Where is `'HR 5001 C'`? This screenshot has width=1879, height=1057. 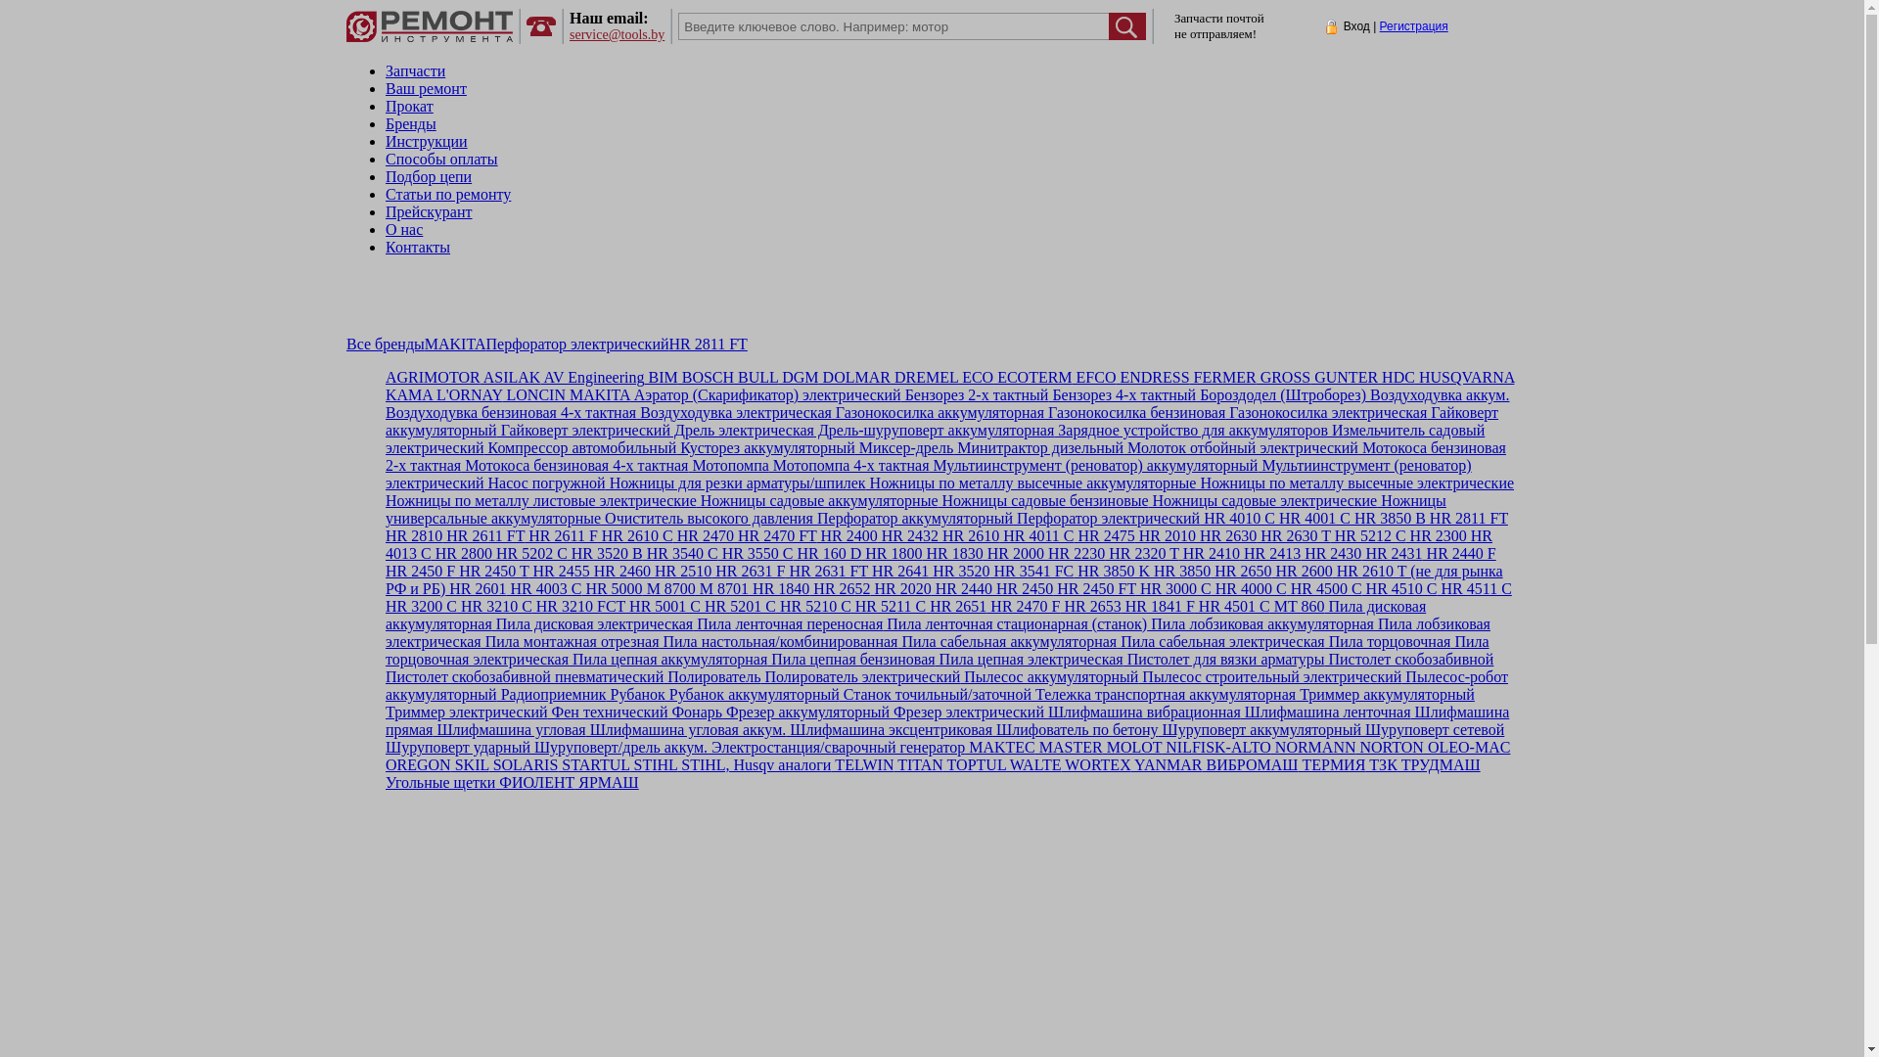
'HR 5001 C' is located at coordinates (663, 605).